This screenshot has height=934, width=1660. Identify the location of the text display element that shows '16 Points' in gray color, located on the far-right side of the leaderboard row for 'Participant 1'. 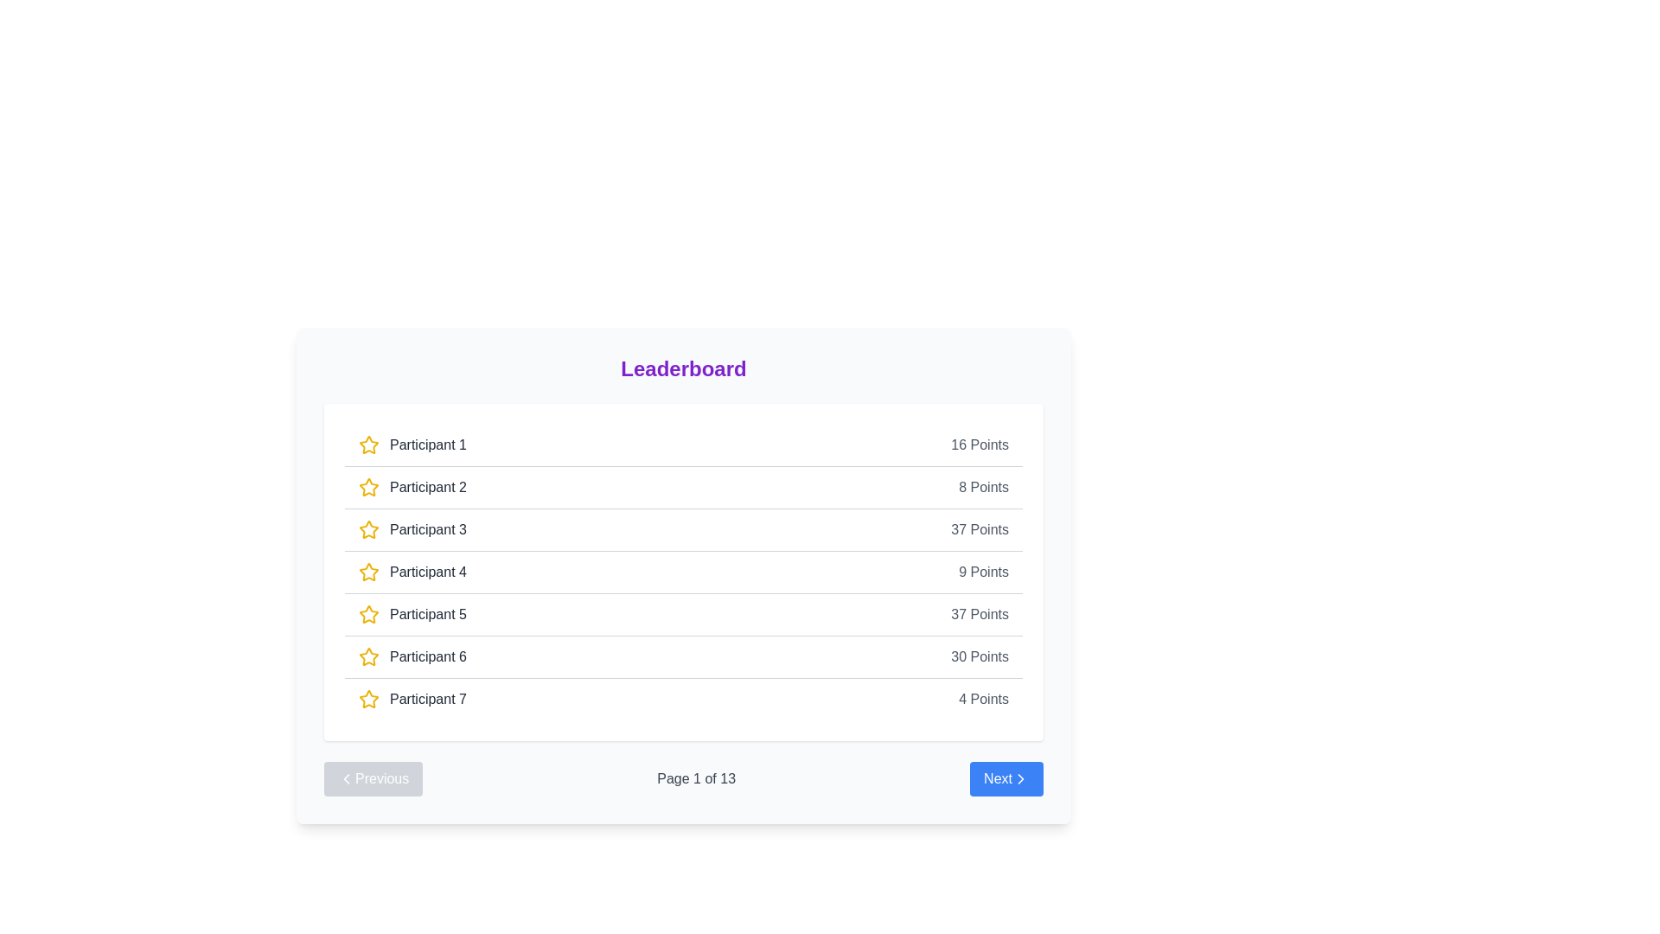
(980, 445).